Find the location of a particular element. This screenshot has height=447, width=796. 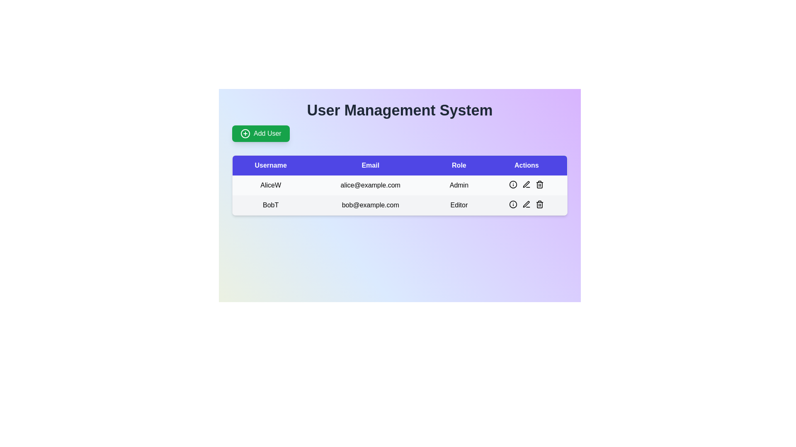

text content displayed in the email label for the user 'BobT', located in the second row of the table under the 'Email' column is located at coordinates (370, 205).